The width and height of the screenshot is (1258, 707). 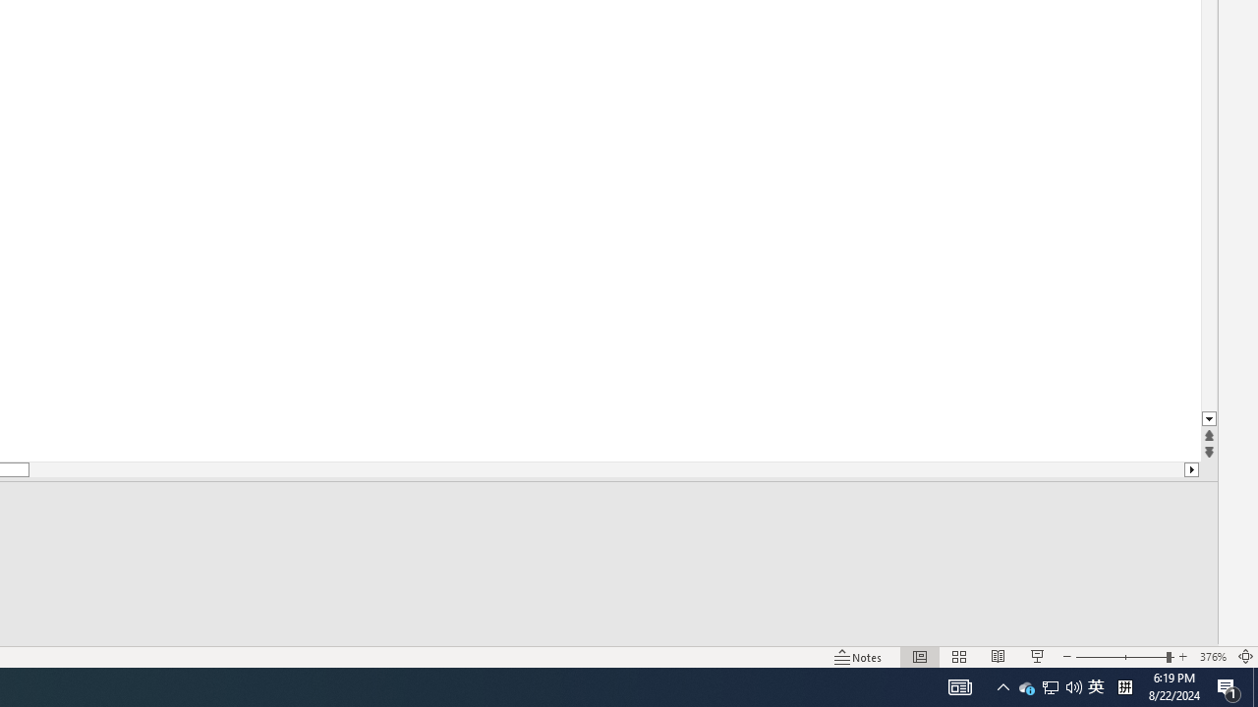 I want to click on 'Line down', so click(x=1208, y=418).